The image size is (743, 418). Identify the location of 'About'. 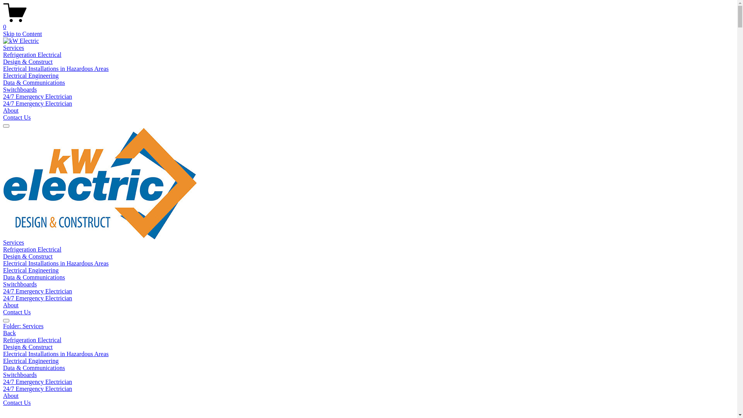
(11, 110).